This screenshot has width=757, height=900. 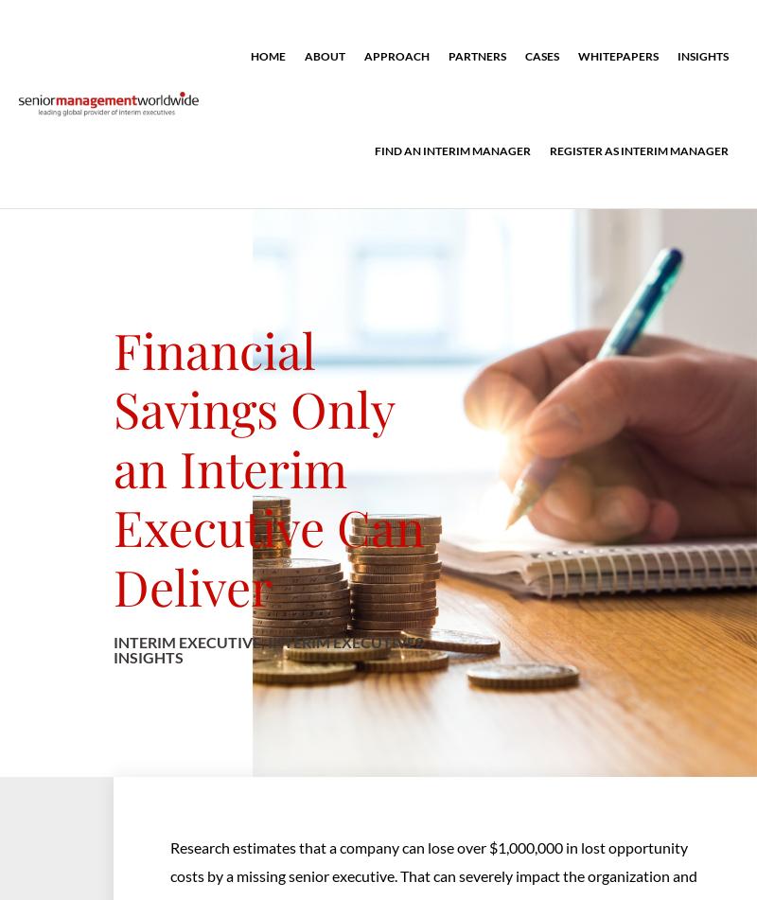 What do you see at coordinates (325, 56) in the screenshot?
I see `'About'` at bounding box center [325, 56].